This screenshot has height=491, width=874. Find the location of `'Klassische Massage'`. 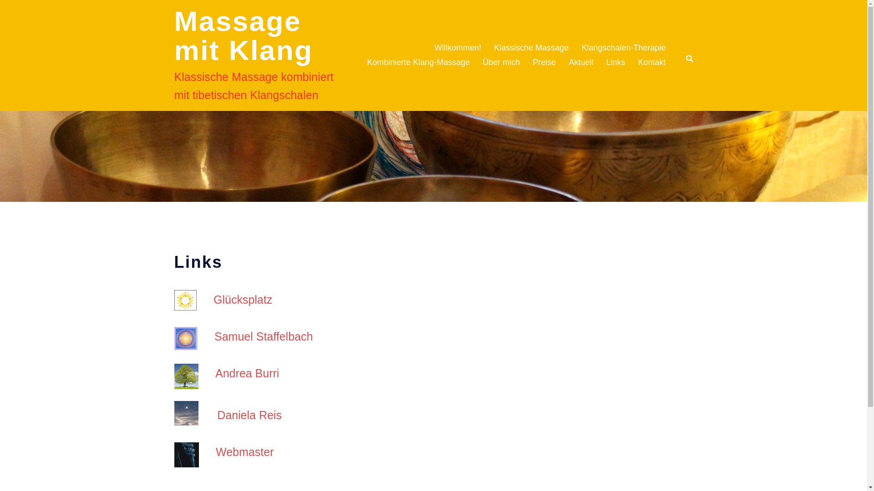

'Klassische Massage' is located at coordinates (493, 48).